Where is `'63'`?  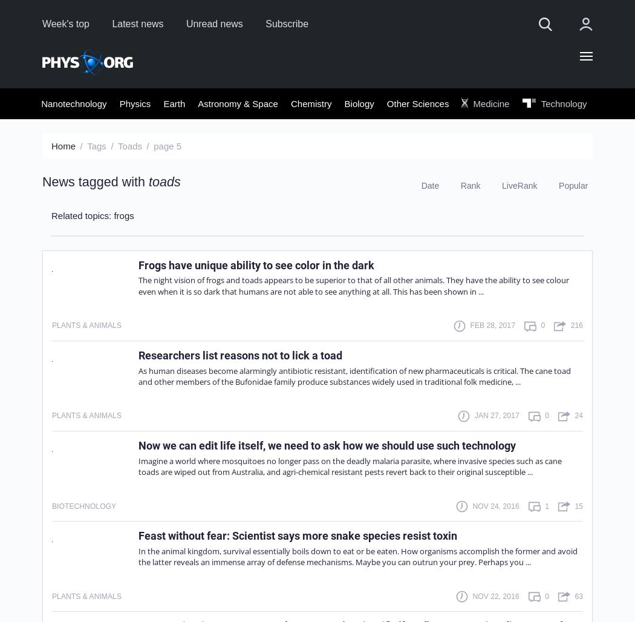 '63' is located at coordinates (578, 595).